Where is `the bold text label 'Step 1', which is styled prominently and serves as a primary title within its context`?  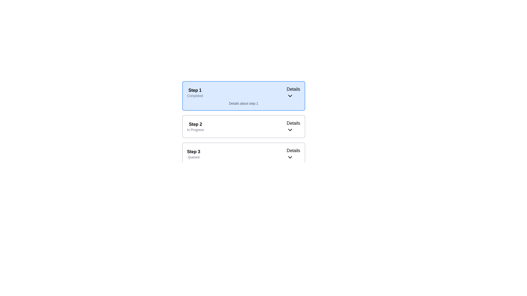 the bold text label 'Step 1', which is styled prominently and serves as a primary title within its context is located at coordinates (195, 90).